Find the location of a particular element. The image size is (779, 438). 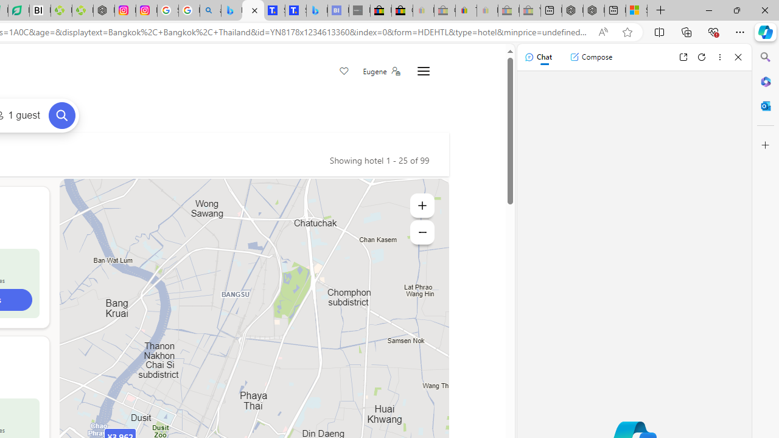

'Nordace - Nordace Edin Collection' is located at coordinates (103, 10).